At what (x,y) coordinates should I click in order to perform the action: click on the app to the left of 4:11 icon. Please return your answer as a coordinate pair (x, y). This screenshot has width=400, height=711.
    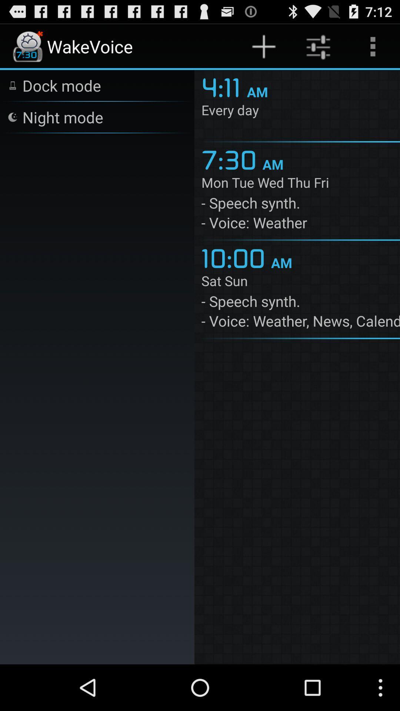
    Looking at the image, I should click on (61, 85).